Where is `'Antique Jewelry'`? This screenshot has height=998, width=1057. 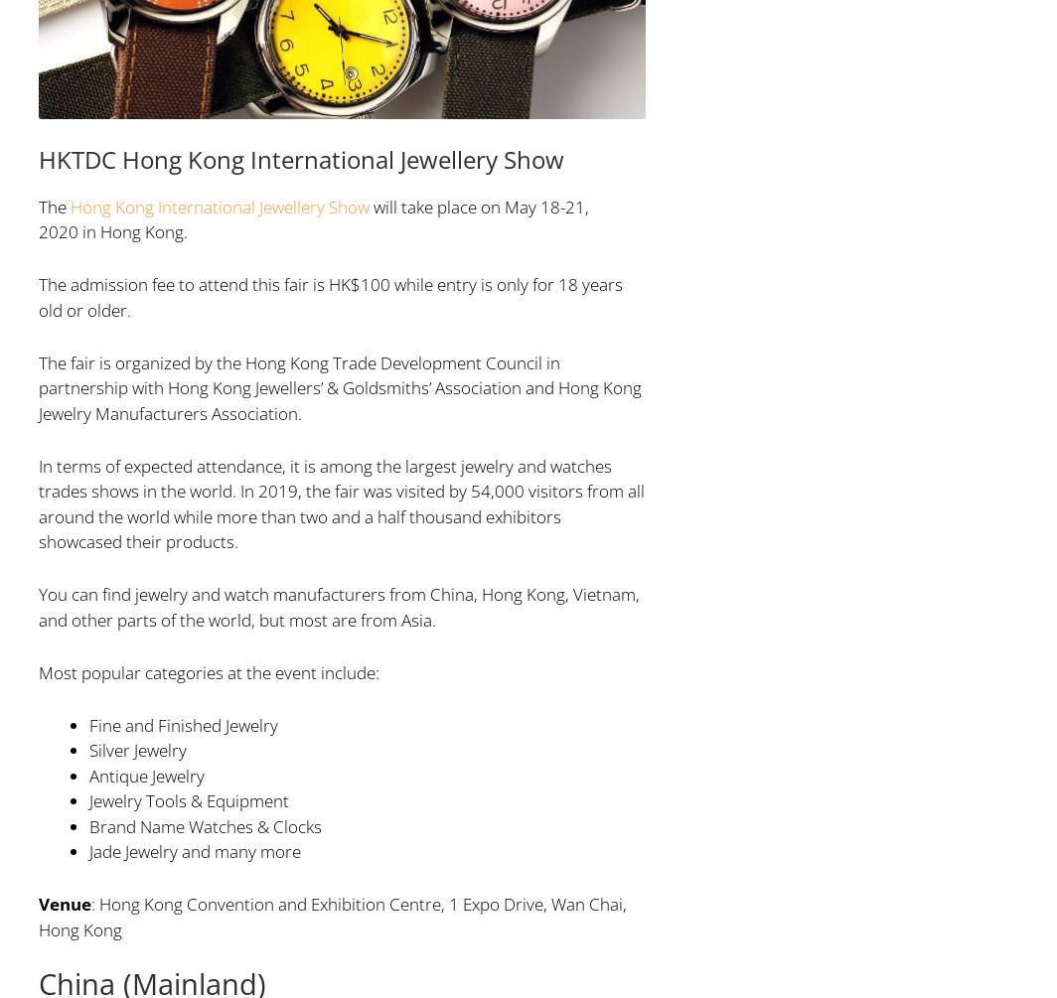
'Antique Jewelry' is located at coordinates (146, 775).